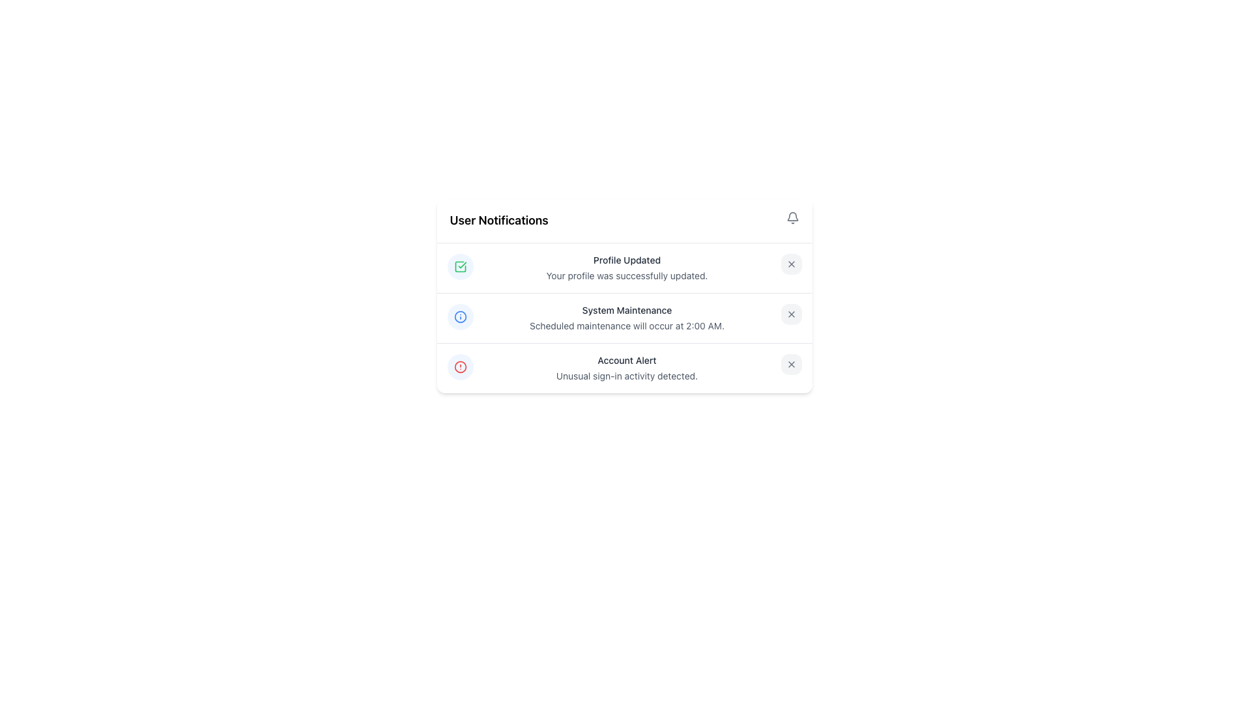  What do you see at coordinates (460, 266) in the screenshot?
I see `the status indicator icon located within the 'Profile Updated' notification card, which is the leftmost component preceding the text block` at bounding box center [460, 266].